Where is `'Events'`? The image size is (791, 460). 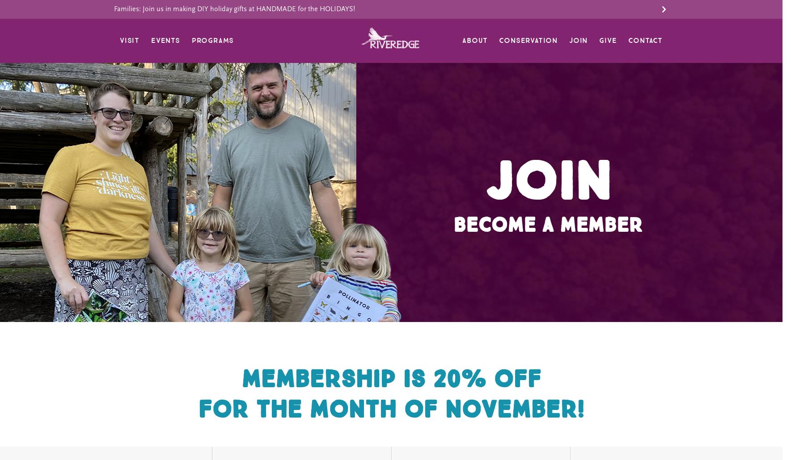 'Events' is located at coordinates (165, 40).